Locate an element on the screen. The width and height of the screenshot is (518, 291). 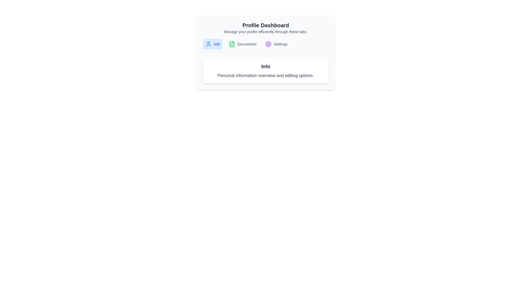
the Settings tab to view its content is located at coordinates (276, 44).